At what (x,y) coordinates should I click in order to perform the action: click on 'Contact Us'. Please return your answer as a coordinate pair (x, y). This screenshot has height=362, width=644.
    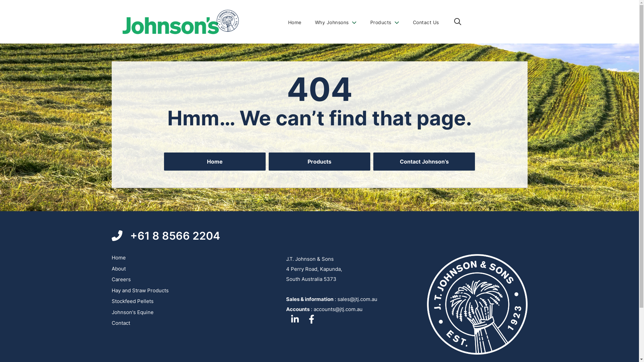
    Looking at the image, I should click on (425, 22).